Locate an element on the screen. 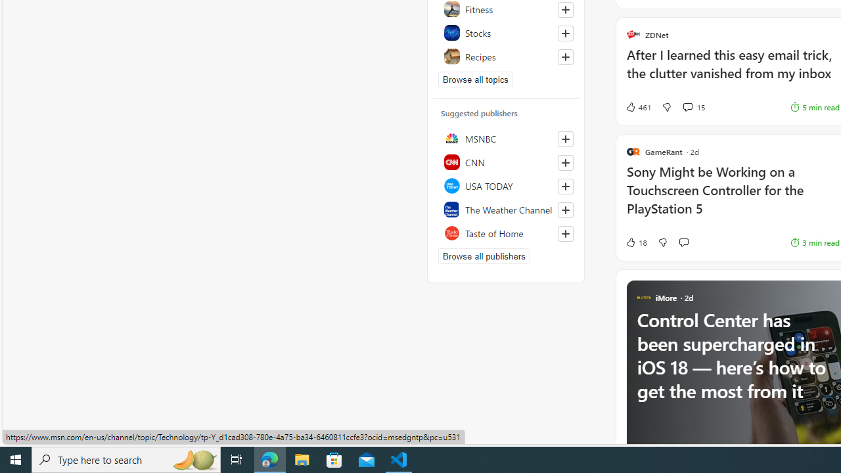 This screenshot has height=473, width=841. 'View comments 15 Comment' is located at coordinates (687, 106).